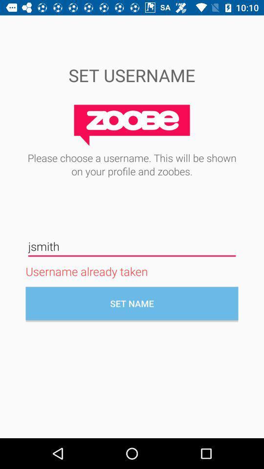 Image resolution: width=264 pixels, height=469 pixels. I want to click on the icon above username already taken icon, so click(132, 246).